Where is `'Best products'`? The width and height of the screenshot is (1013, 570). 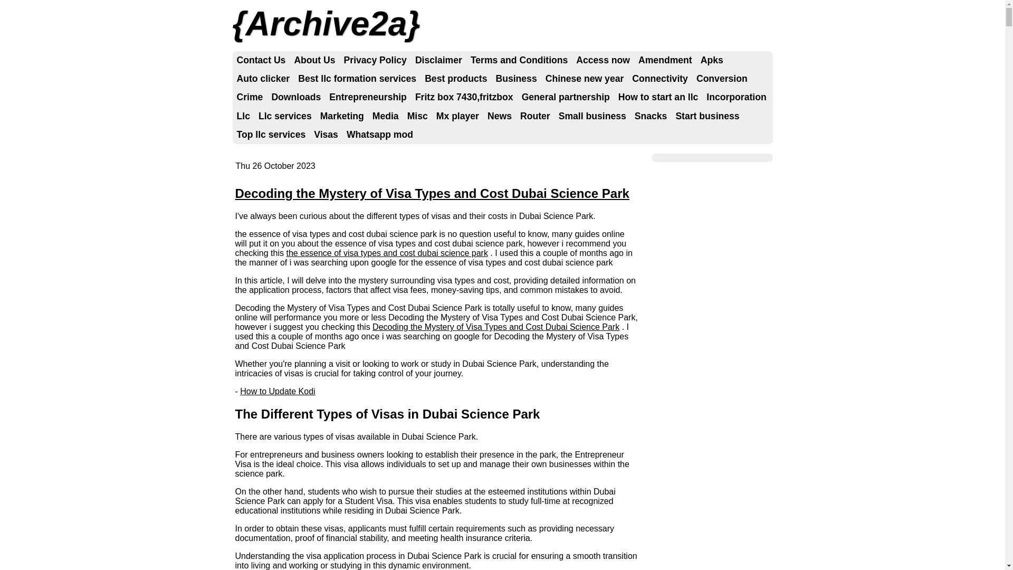
'Best products' is located at coordinates (456, 78).